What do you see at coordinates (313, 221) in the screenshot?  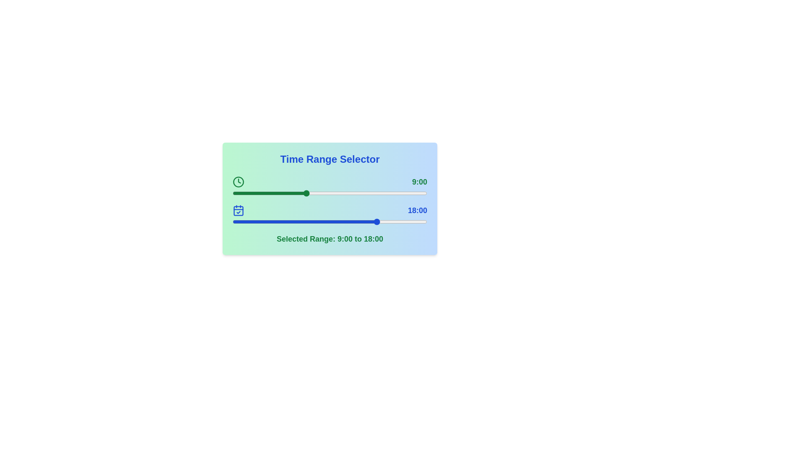 I see `the time` at bounding box center [313, 221].